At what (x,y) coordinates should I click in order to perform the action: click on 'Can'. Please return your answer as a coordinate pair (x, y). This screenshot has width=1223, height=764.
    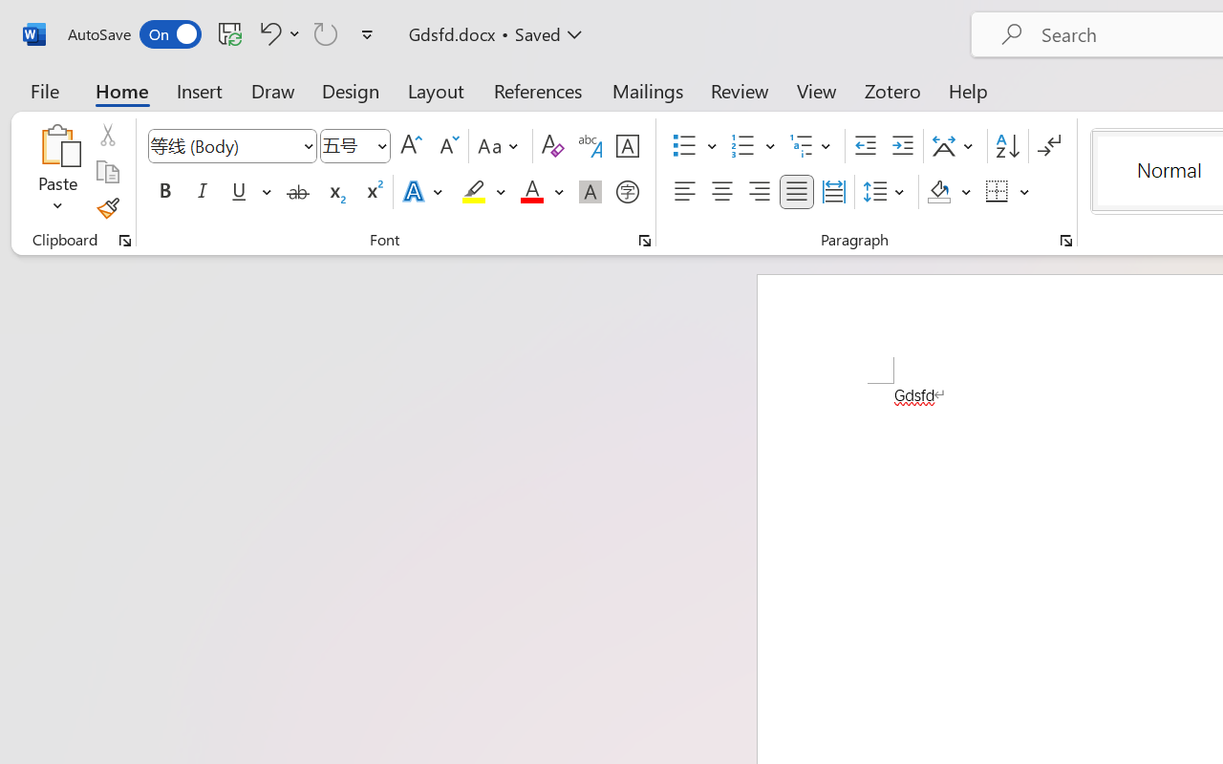
    Looking at the image, I should click on (326, 32).